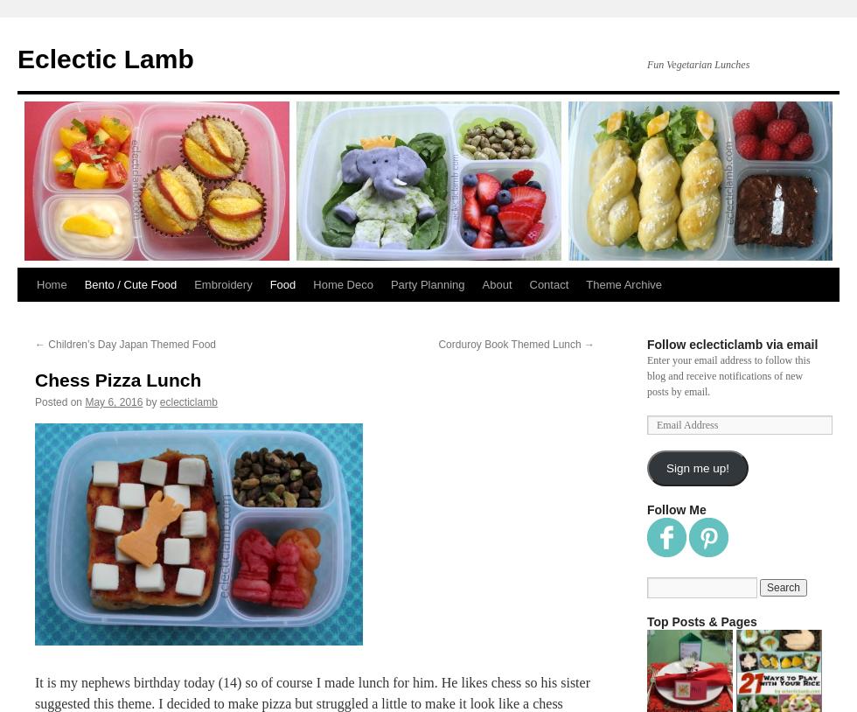 Image resolution: width=857 pixels, height=712 pixels. Describe the element at coordinates (646, 375) in the screenshot. I see `'Enter your email address to follow this blog and receive notifications of new posts by email.'` at that location.